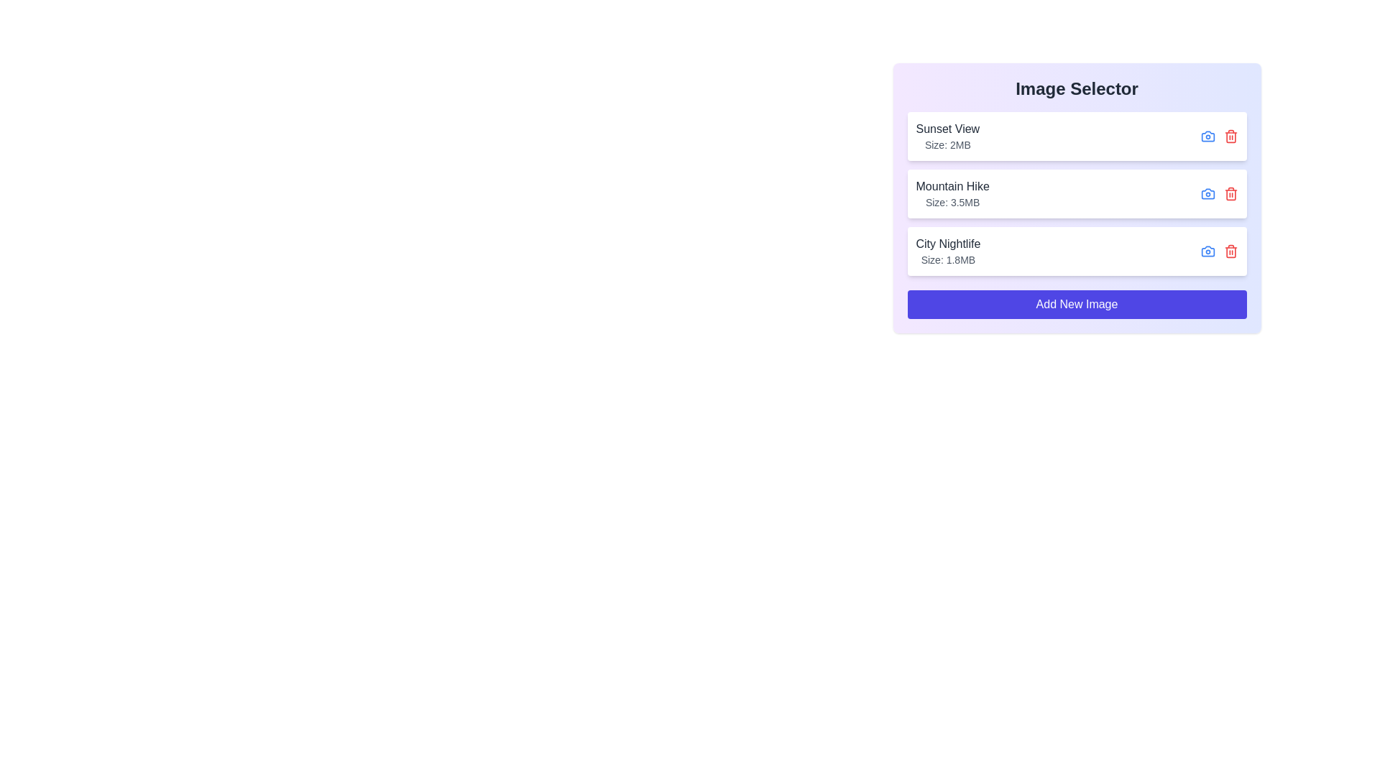  I want to click on the camera icon for Mountain Hike to view the image, so click(1207, 194).